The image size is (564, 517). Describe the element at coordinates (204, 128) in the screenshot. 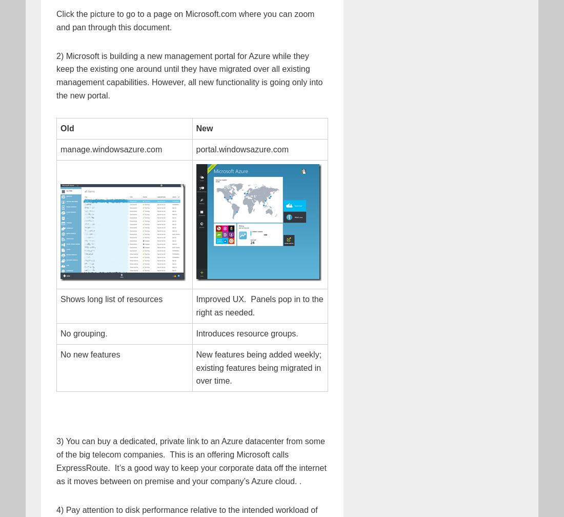

I see `'New'` at that location.